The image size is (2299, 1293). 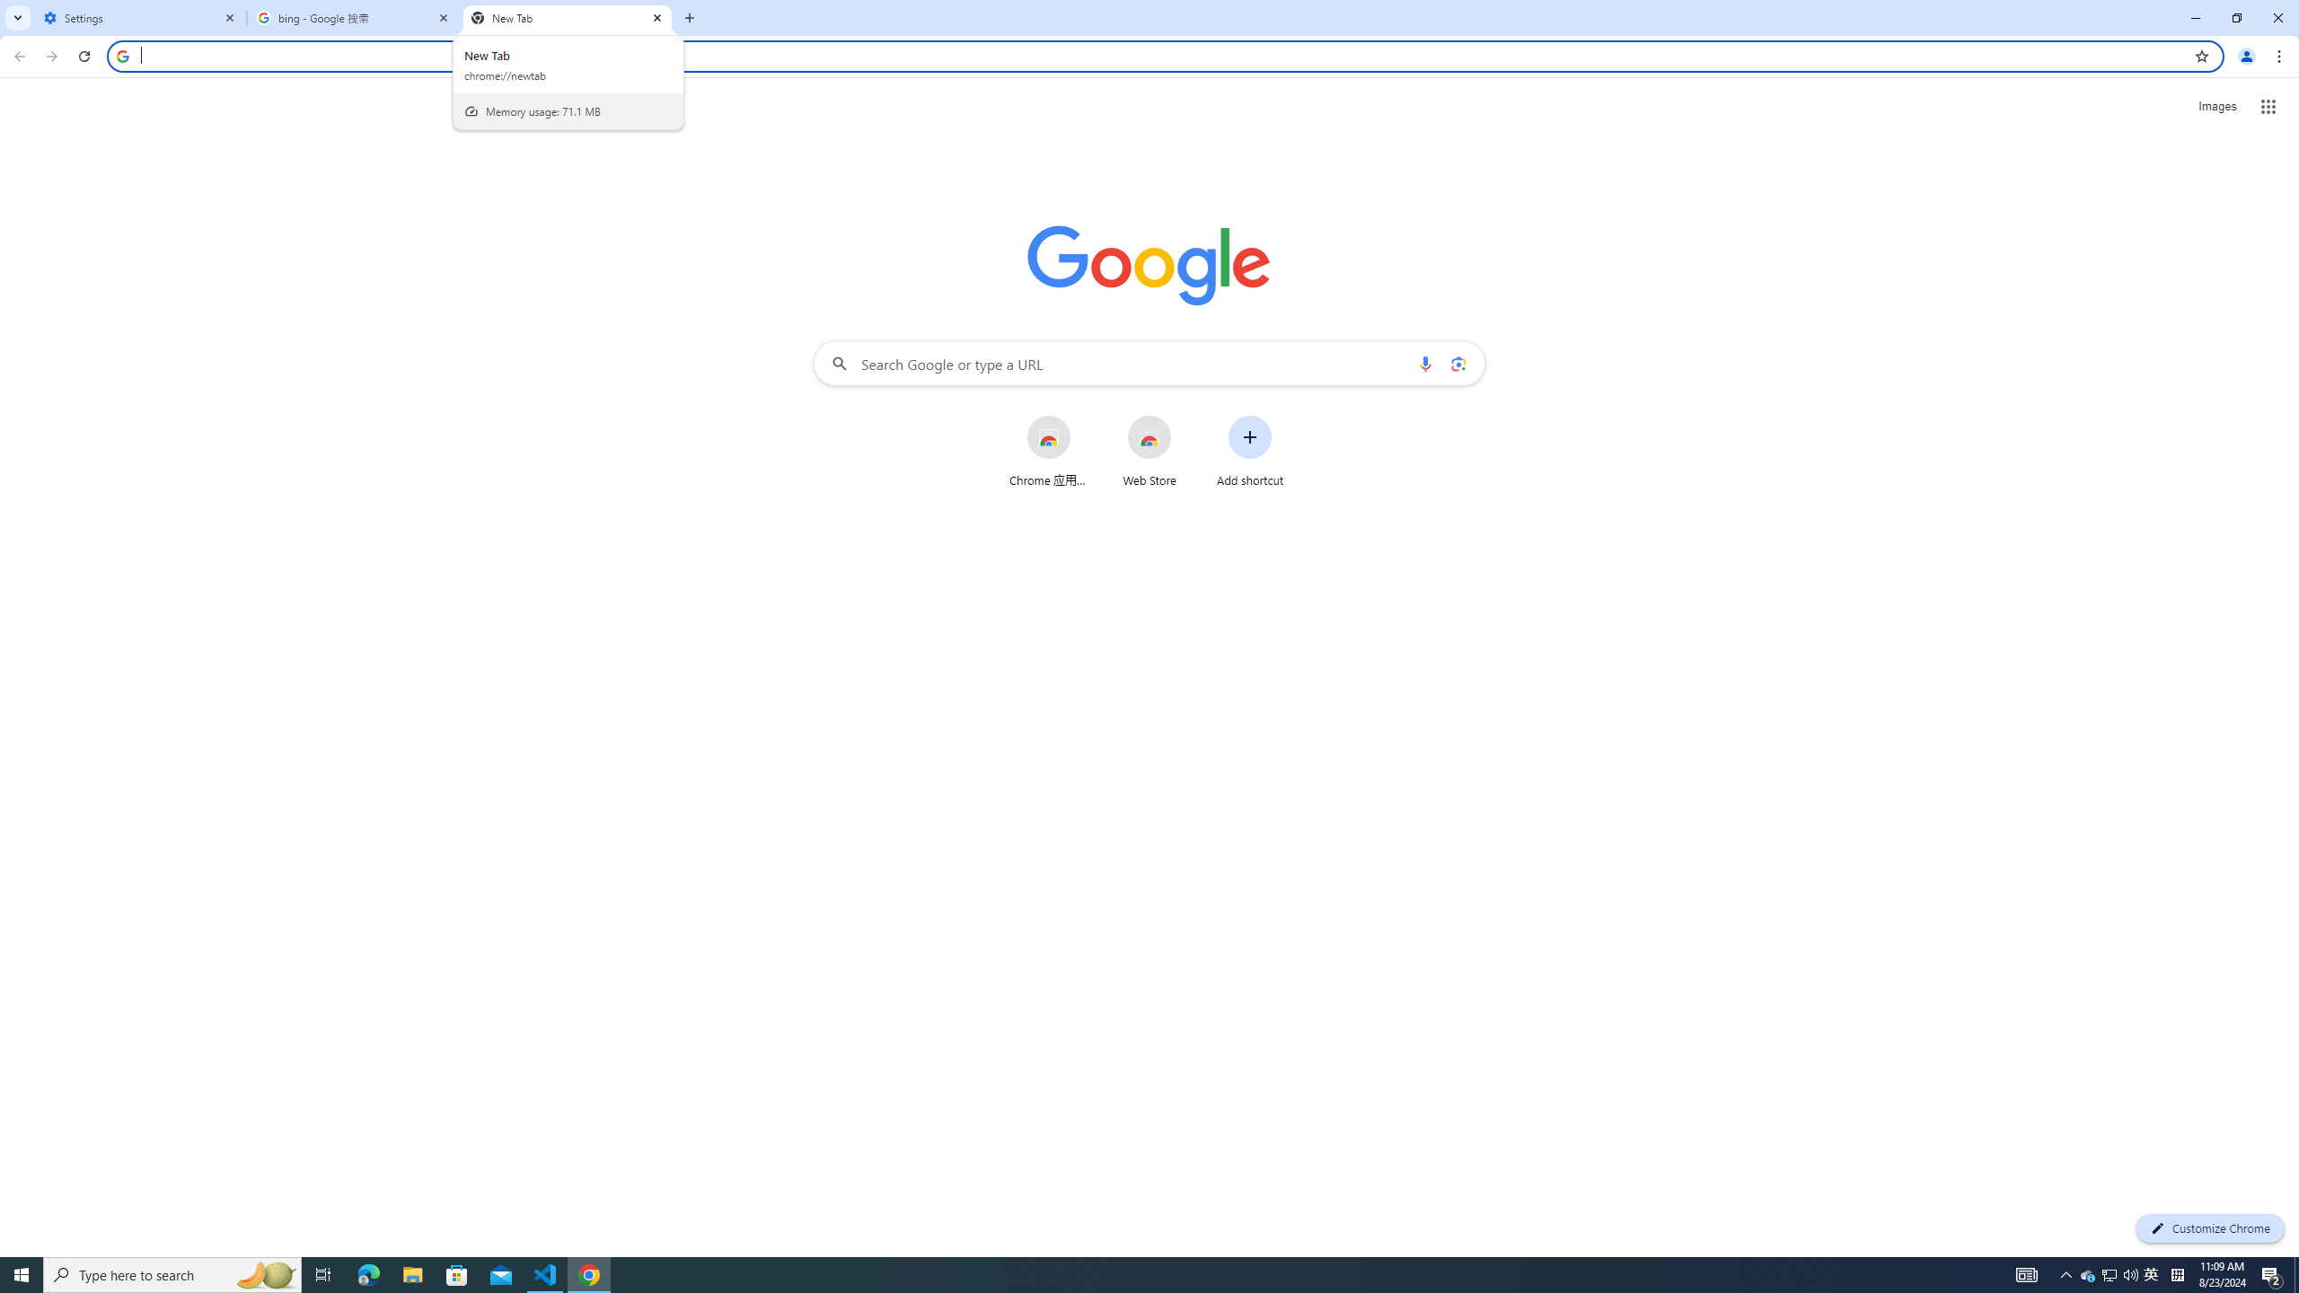 What do you see at coordinates (1149, 450) in the screenshot?
I see `'Web Store'` at bounding box center [1149, 450].